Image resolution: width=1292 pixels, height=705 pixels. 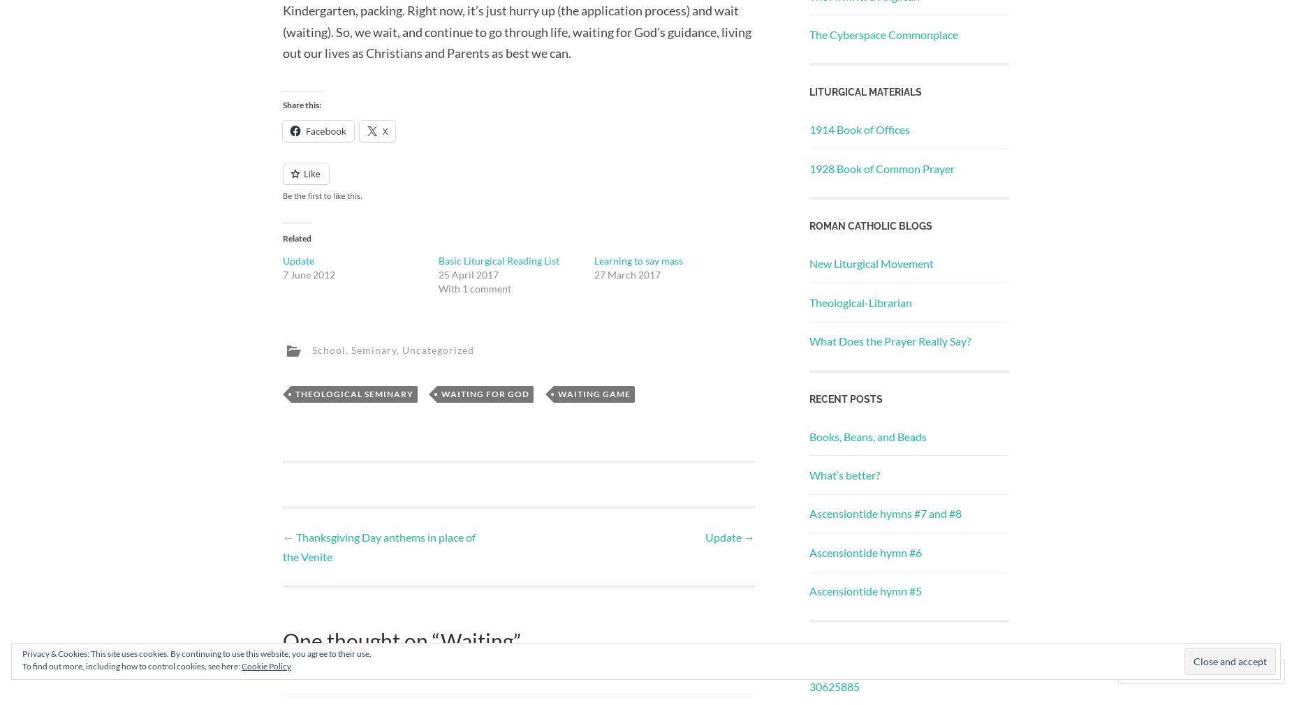 What do you see at coordinates (557, 392) in the screenshot?
I see `'waiting game'` at bounding box center [557, 392].